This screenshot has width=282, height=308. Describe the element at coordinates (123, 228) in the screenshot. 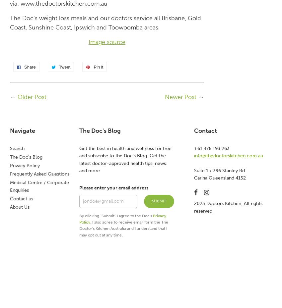

I see `'. I also agree to receive email form the The Doctor's Kitchen Australia and I understand that I may opt out at any time.'` at that location.